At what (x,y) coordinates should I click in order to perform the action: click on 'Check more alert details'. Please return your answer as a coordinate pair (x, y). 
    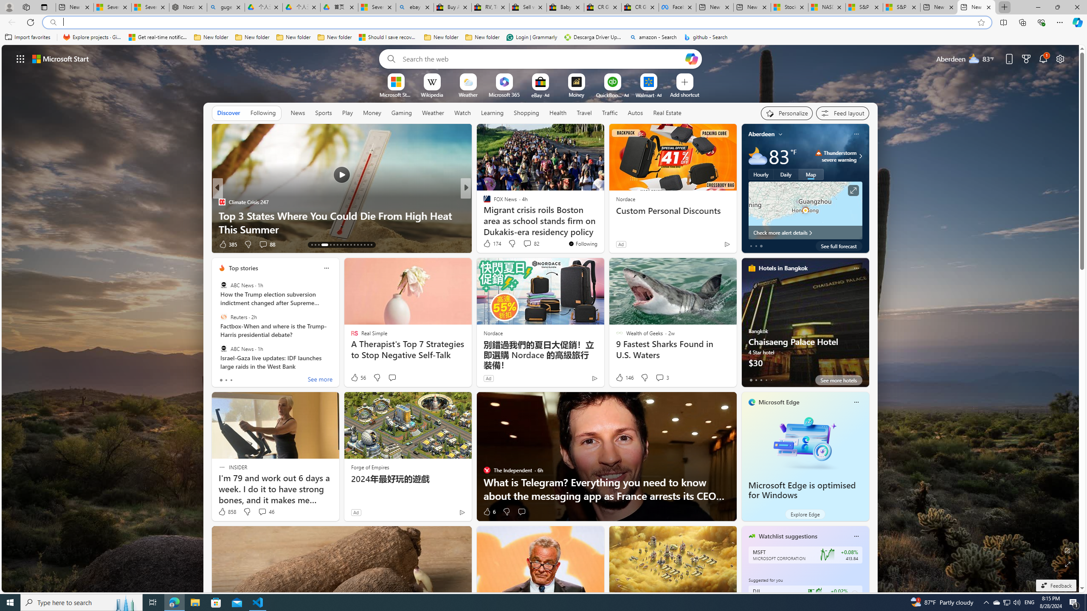
    Looking at the image, I should click on (805, 232).